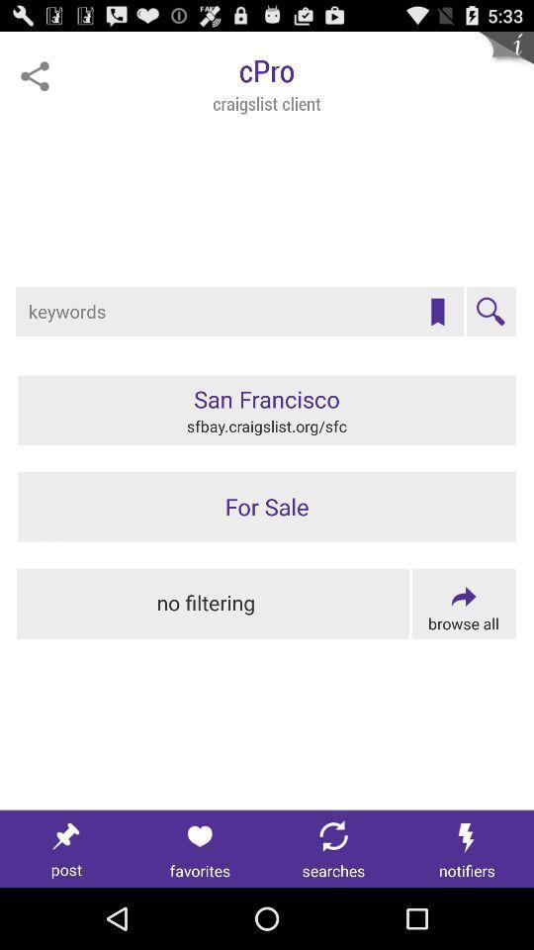  Describe the element at coordinates (267, 506) in the screenshot. I see `for sale filter option` at that location.